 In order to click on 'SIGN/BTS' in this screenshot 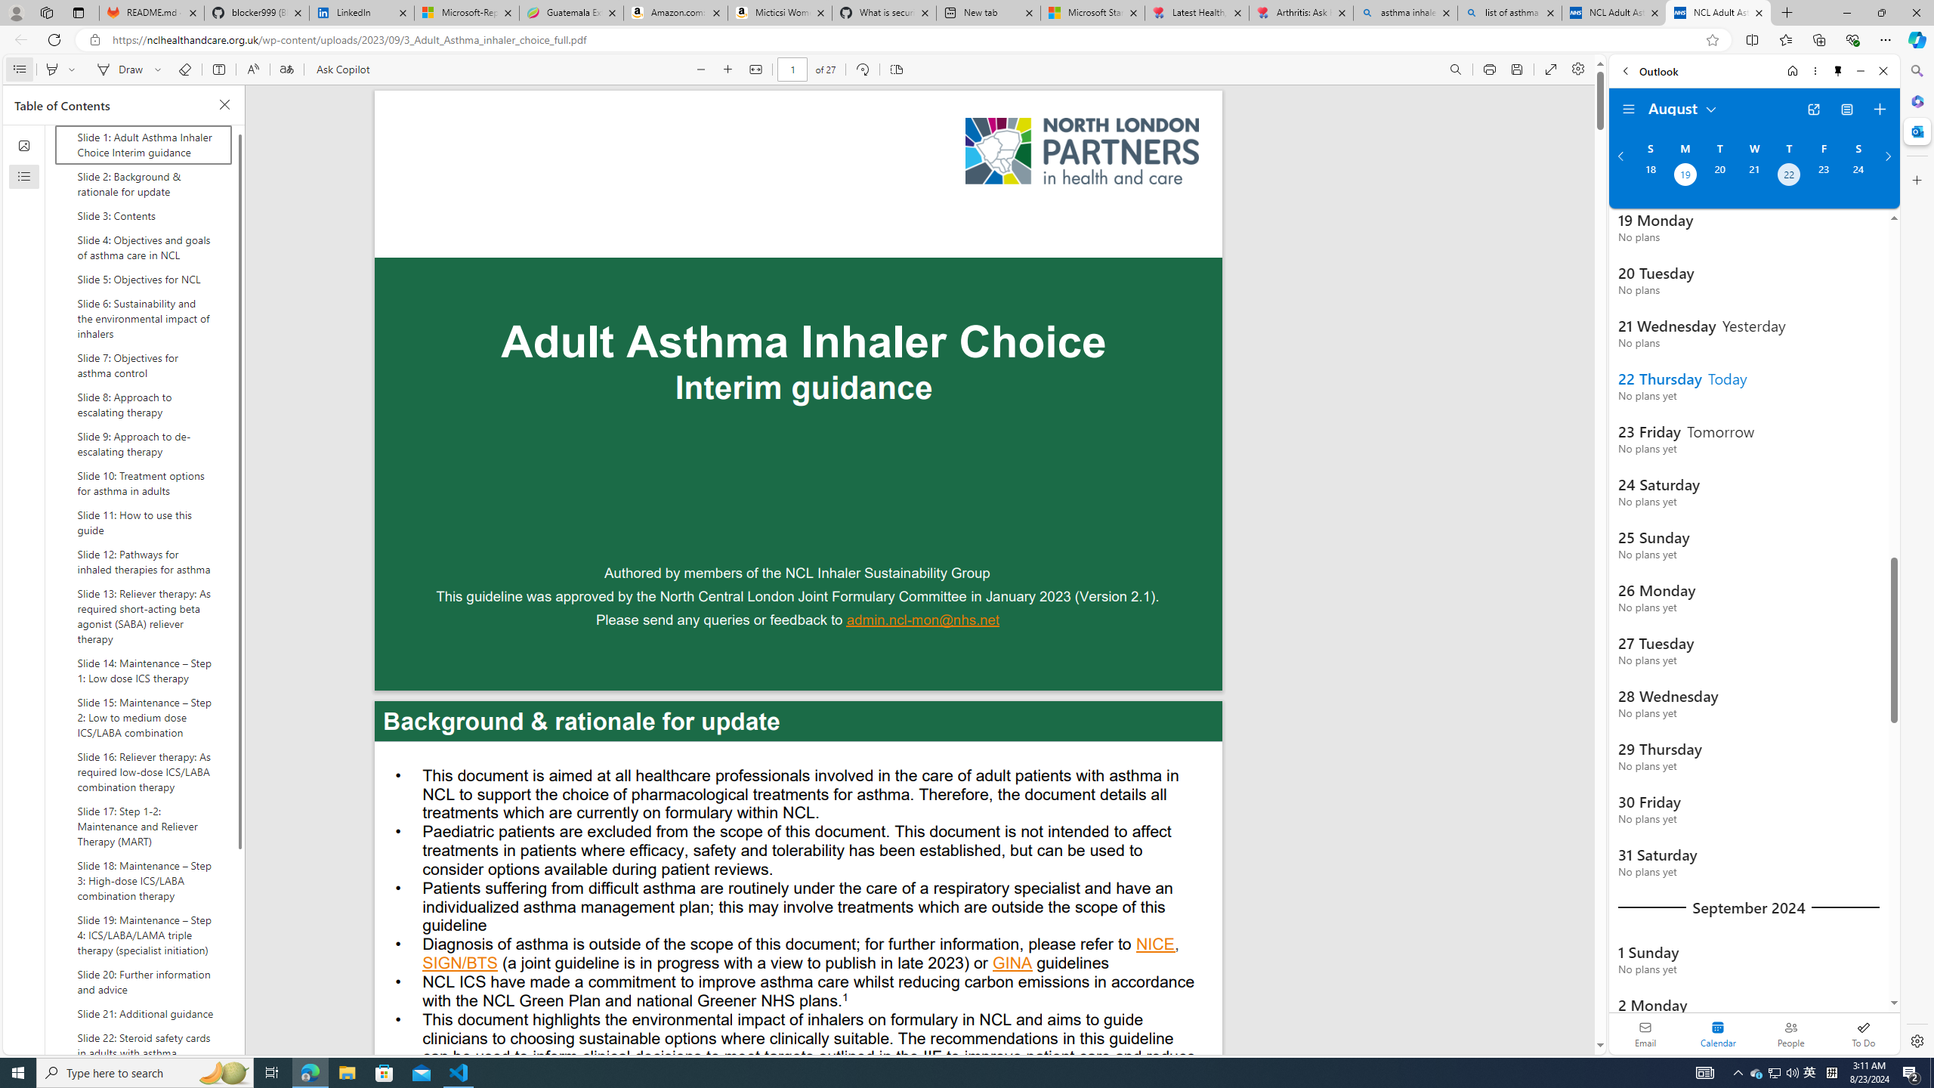, I will do `click(459, 964)`.